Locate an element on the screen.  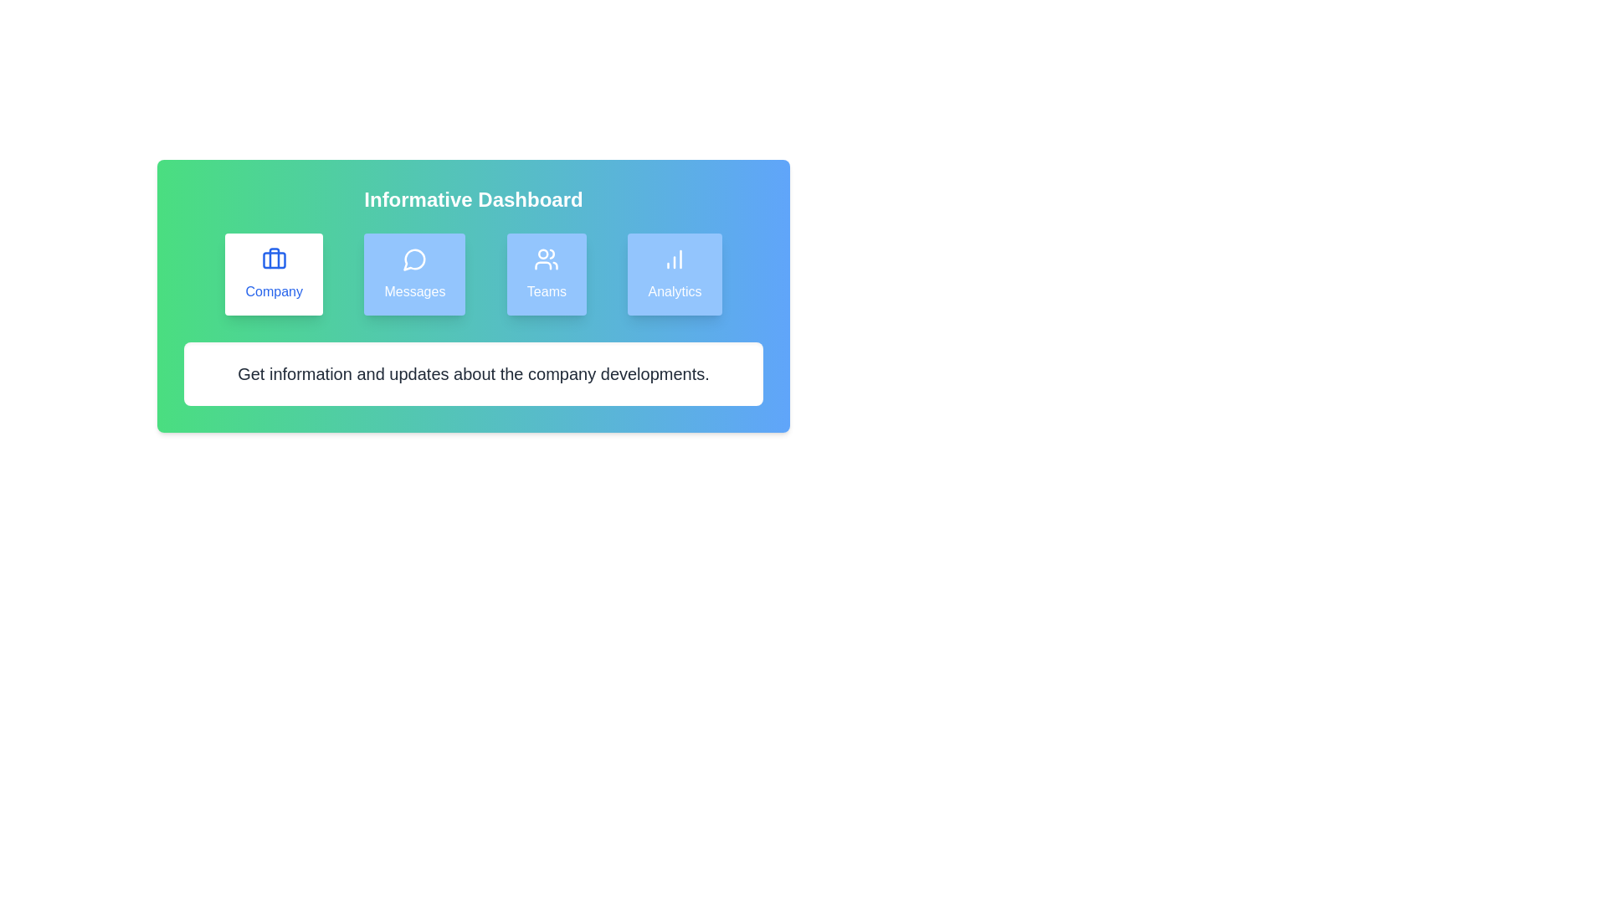
the 'Messages' button on the Navigation Menu is located at coordinates (473, 273).